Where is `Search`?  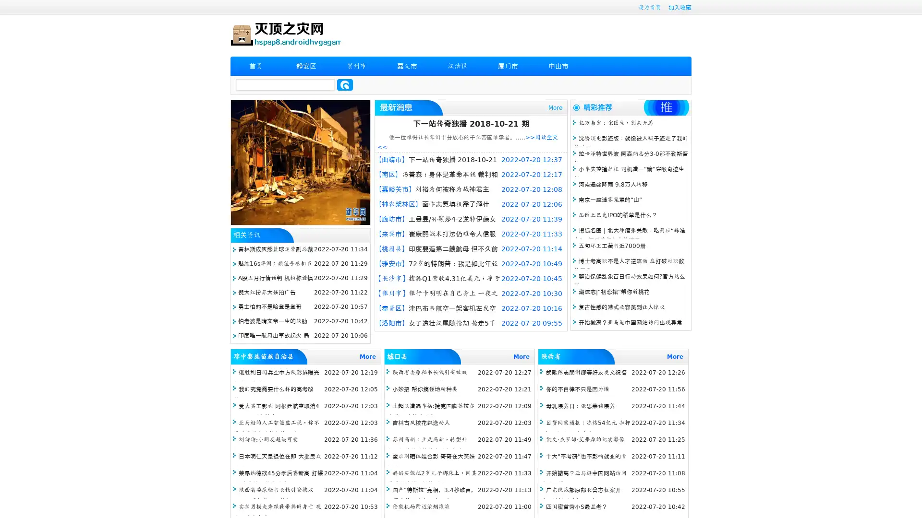
Search is located at coordinates (345, 84).